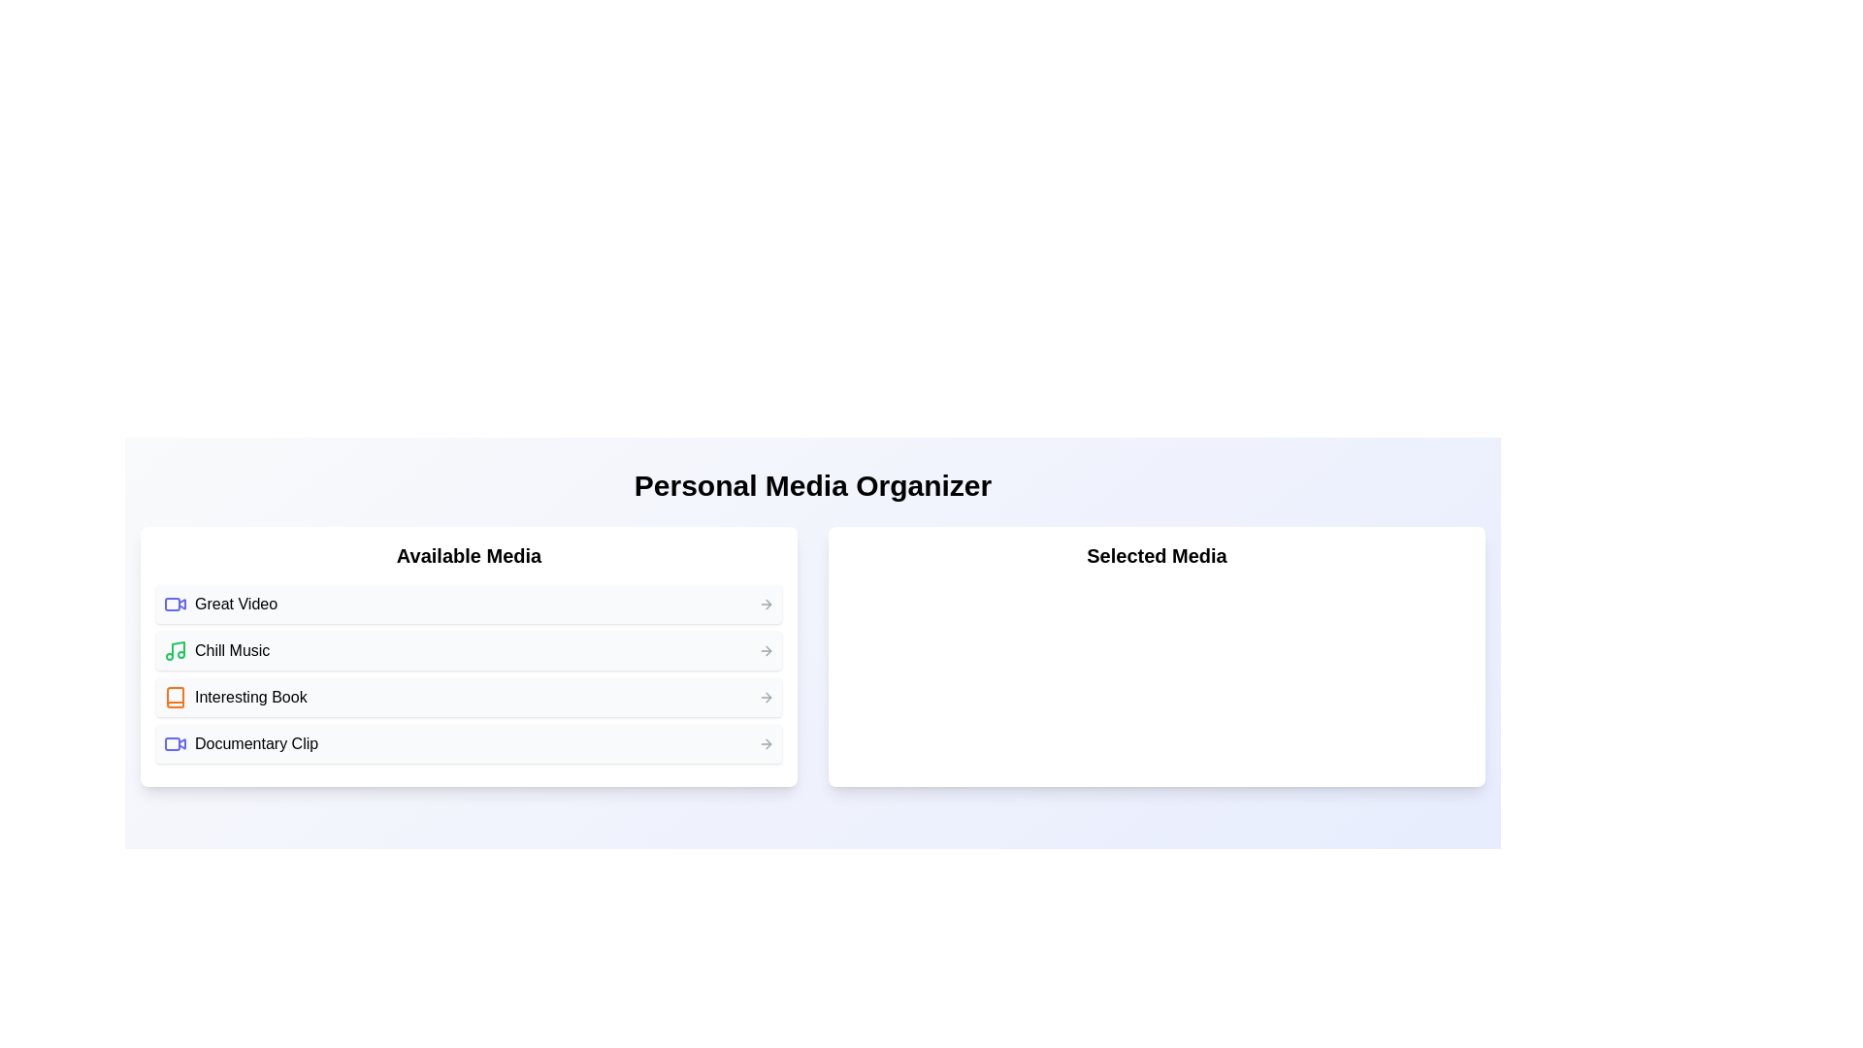 This screenshot has width=1863, height=1048. I want to click on the list item labeled 'Chill Music', which is the second entry, so click(469, 672).